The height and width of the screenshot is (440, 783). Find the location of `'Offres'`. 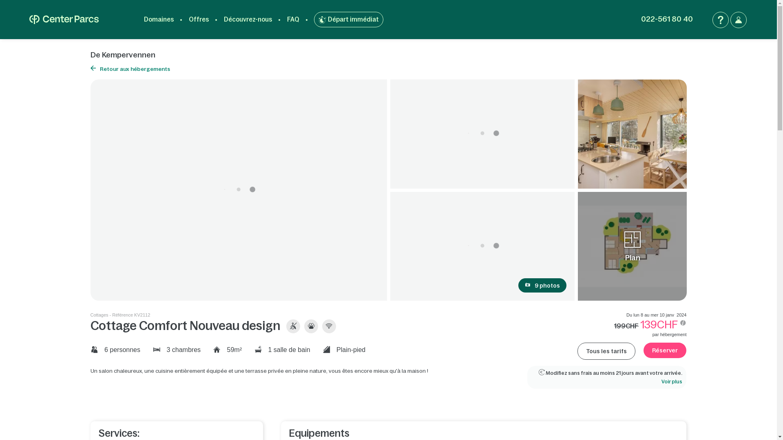

'Offres' is located at coordinates (199, 19).